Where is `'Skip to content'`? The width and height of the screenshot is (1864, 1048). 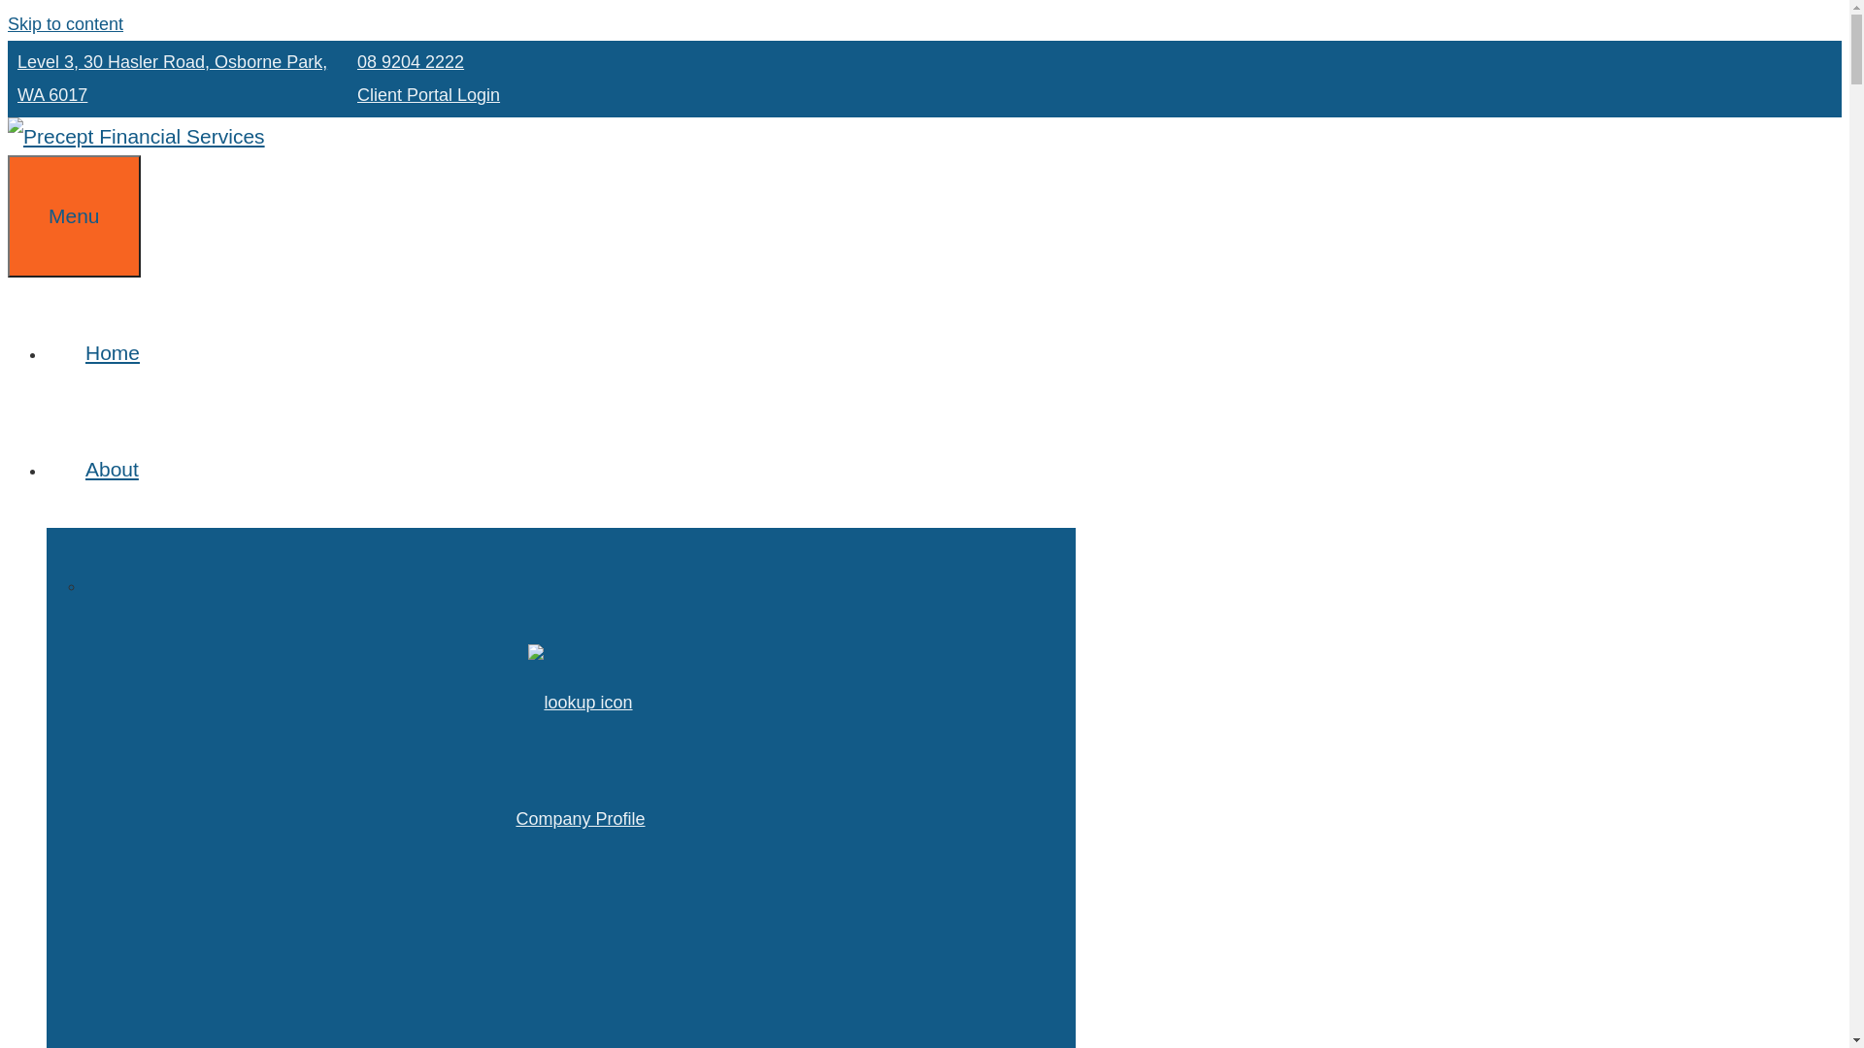
'Skip to content' is located at coordinates (65, 23).